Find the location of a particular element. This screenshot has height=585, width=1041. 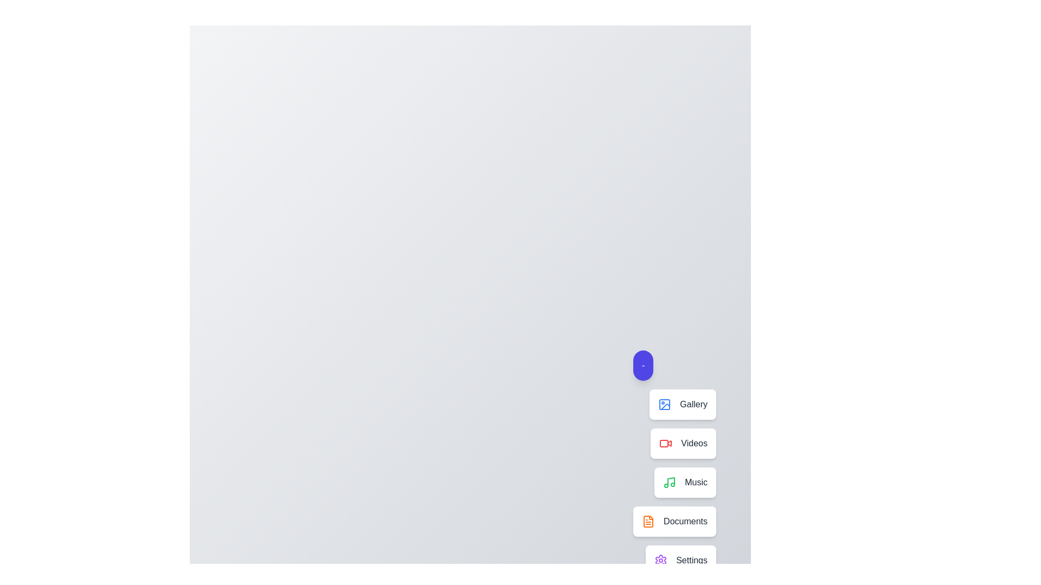

the Documents in the speed dial menu is located at coordinates (674, 521).